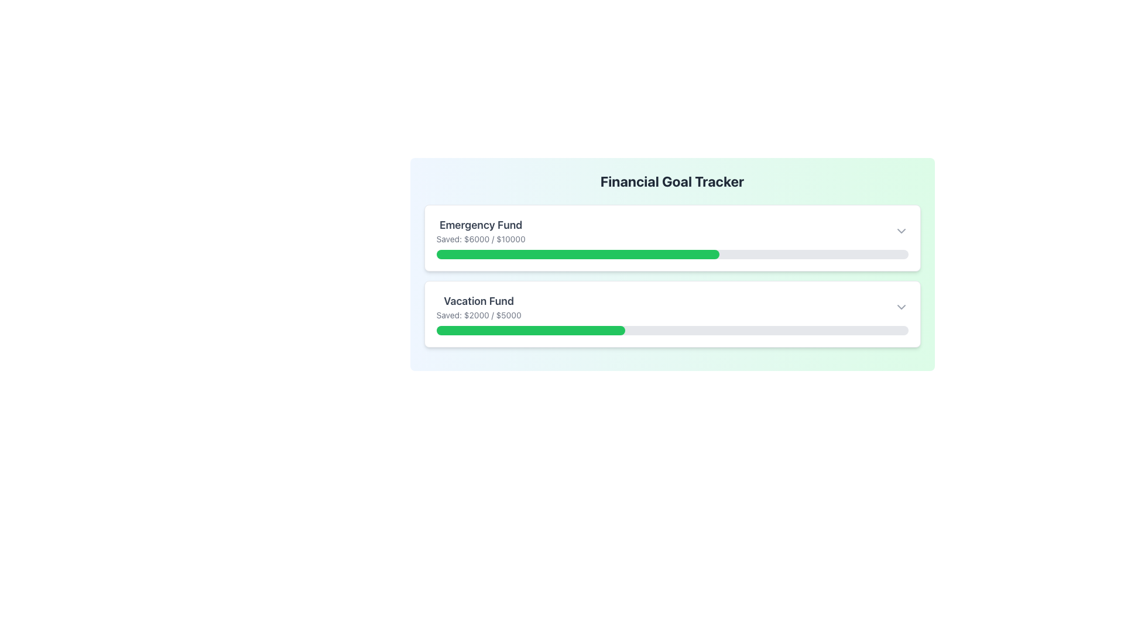  I want to click on the horizontal progress bar in the 'Vacation Fund' section, which is a rounded rectangle with a gray background and a green bar indicating 40% progress, located below the 'Emergency Fund' bar, so click(672, 330).